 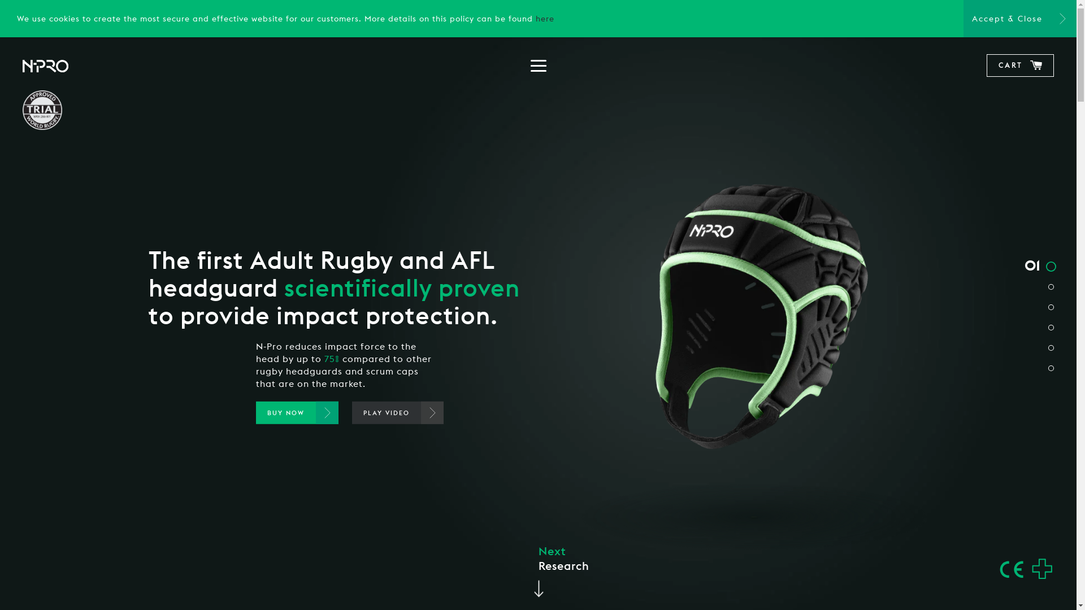 What do you see at coordinates (563, 568) in the screenshot?
I see `'Next` at bounding box center [563, 568].